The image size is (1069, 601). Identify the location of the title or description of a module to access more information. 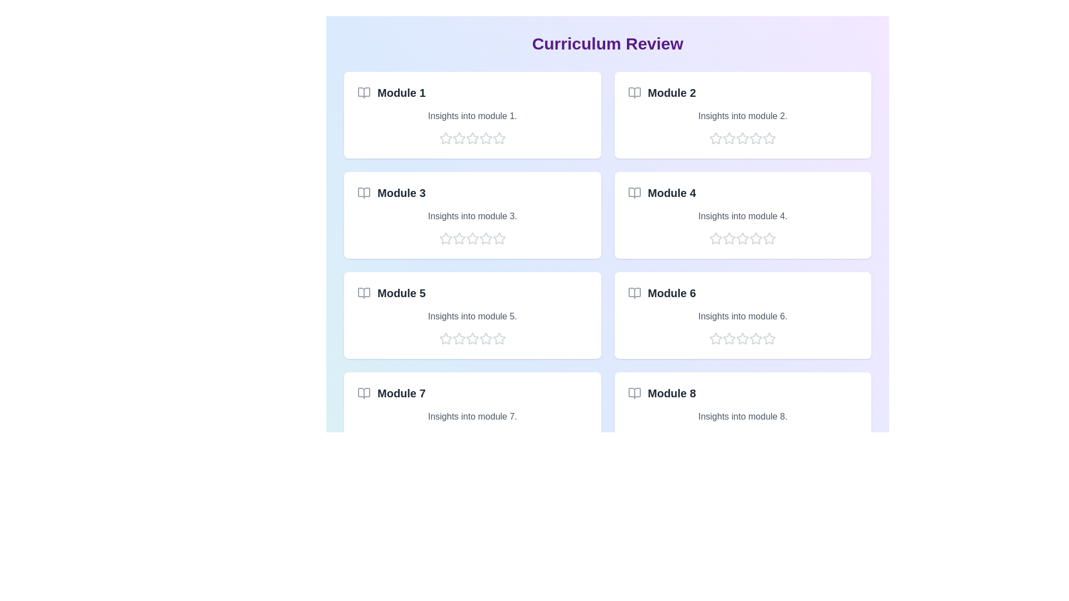
(472, 115).